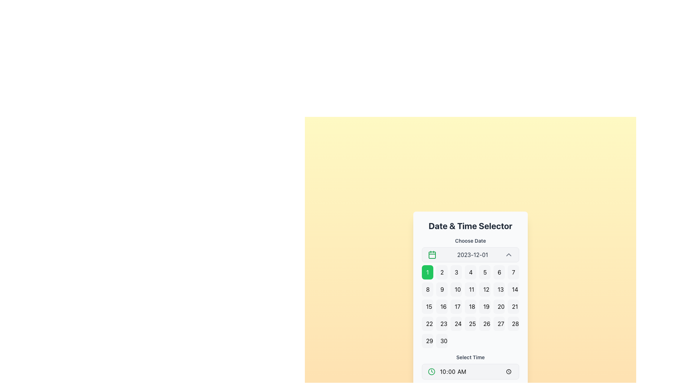 This screenshot has width=687, height=386. Describe the element at coordinates (513, 272) in the screenshot. I see `the button displaying the number '7' in a light gray rectangular box with rounded corners, part of a calendar grid layout` at that location.